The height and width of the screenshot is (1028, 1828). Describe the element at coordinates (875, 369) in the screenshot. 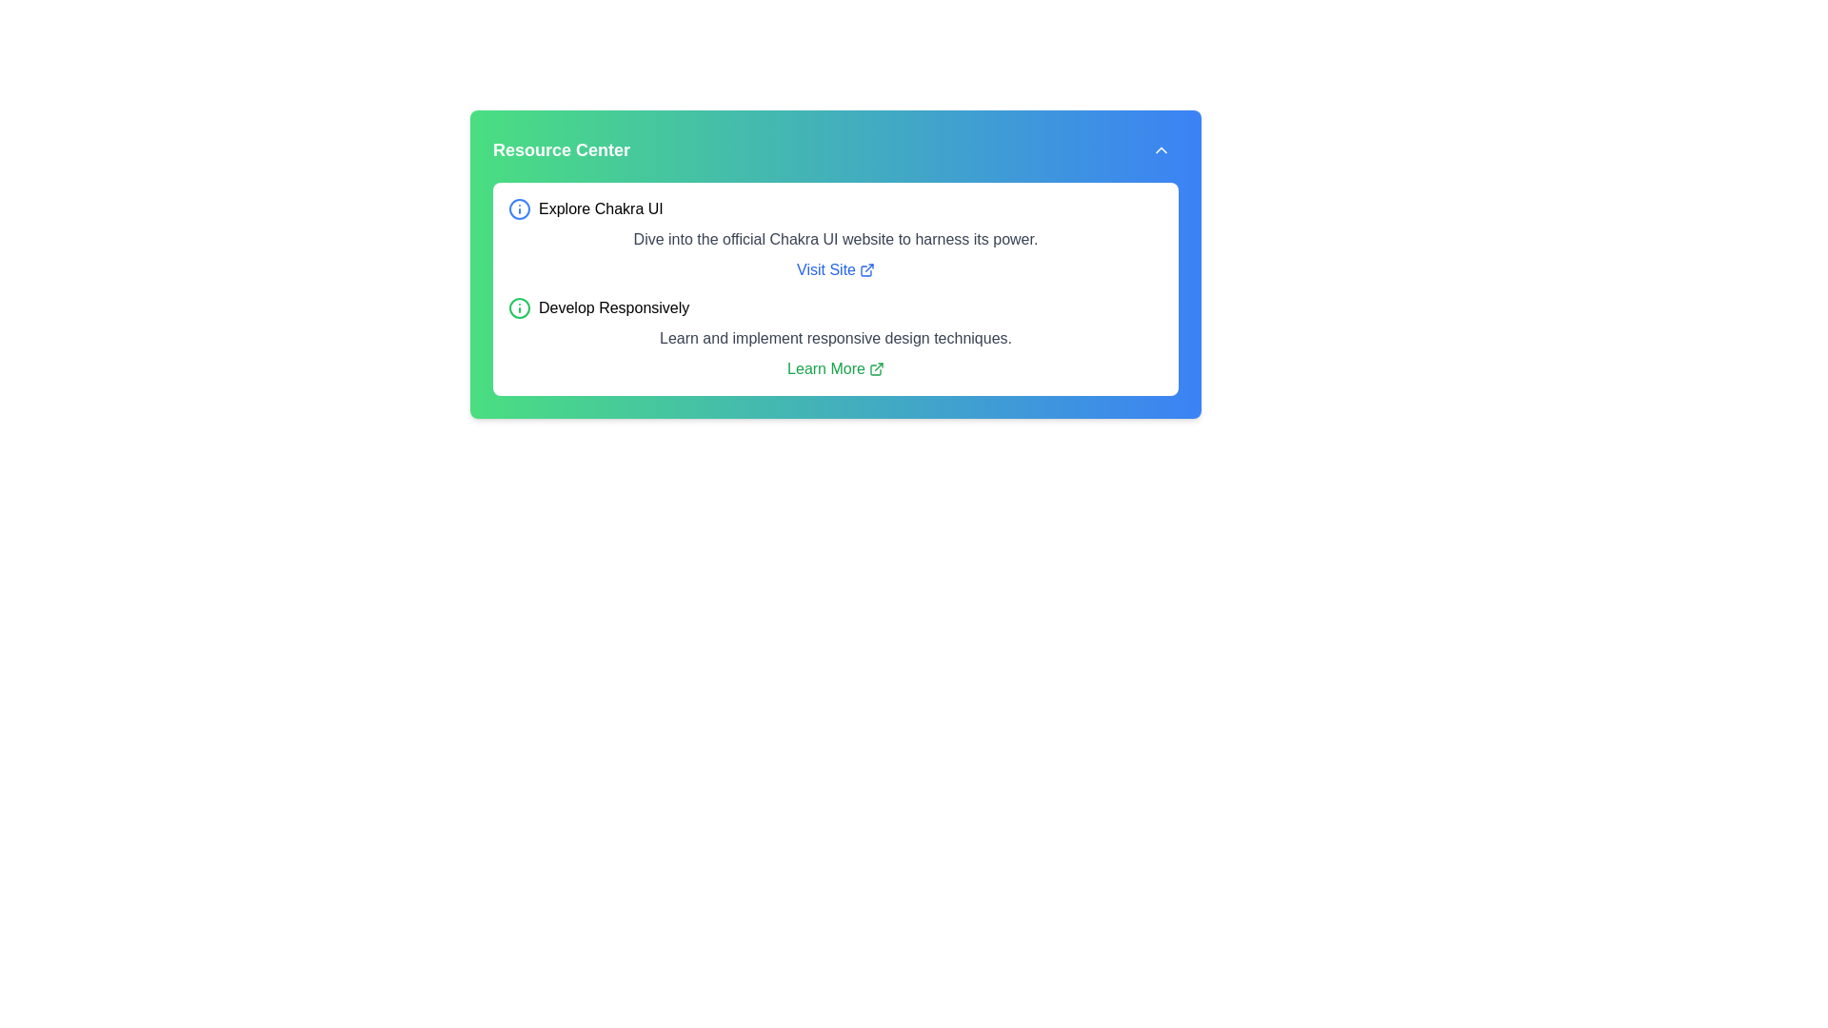

I see `the external link icon located to the right of the 'Learn More' button, which is styled with a thin green stroke and is positioned at the bottom of the 'Develop Responsively' section` at that location.